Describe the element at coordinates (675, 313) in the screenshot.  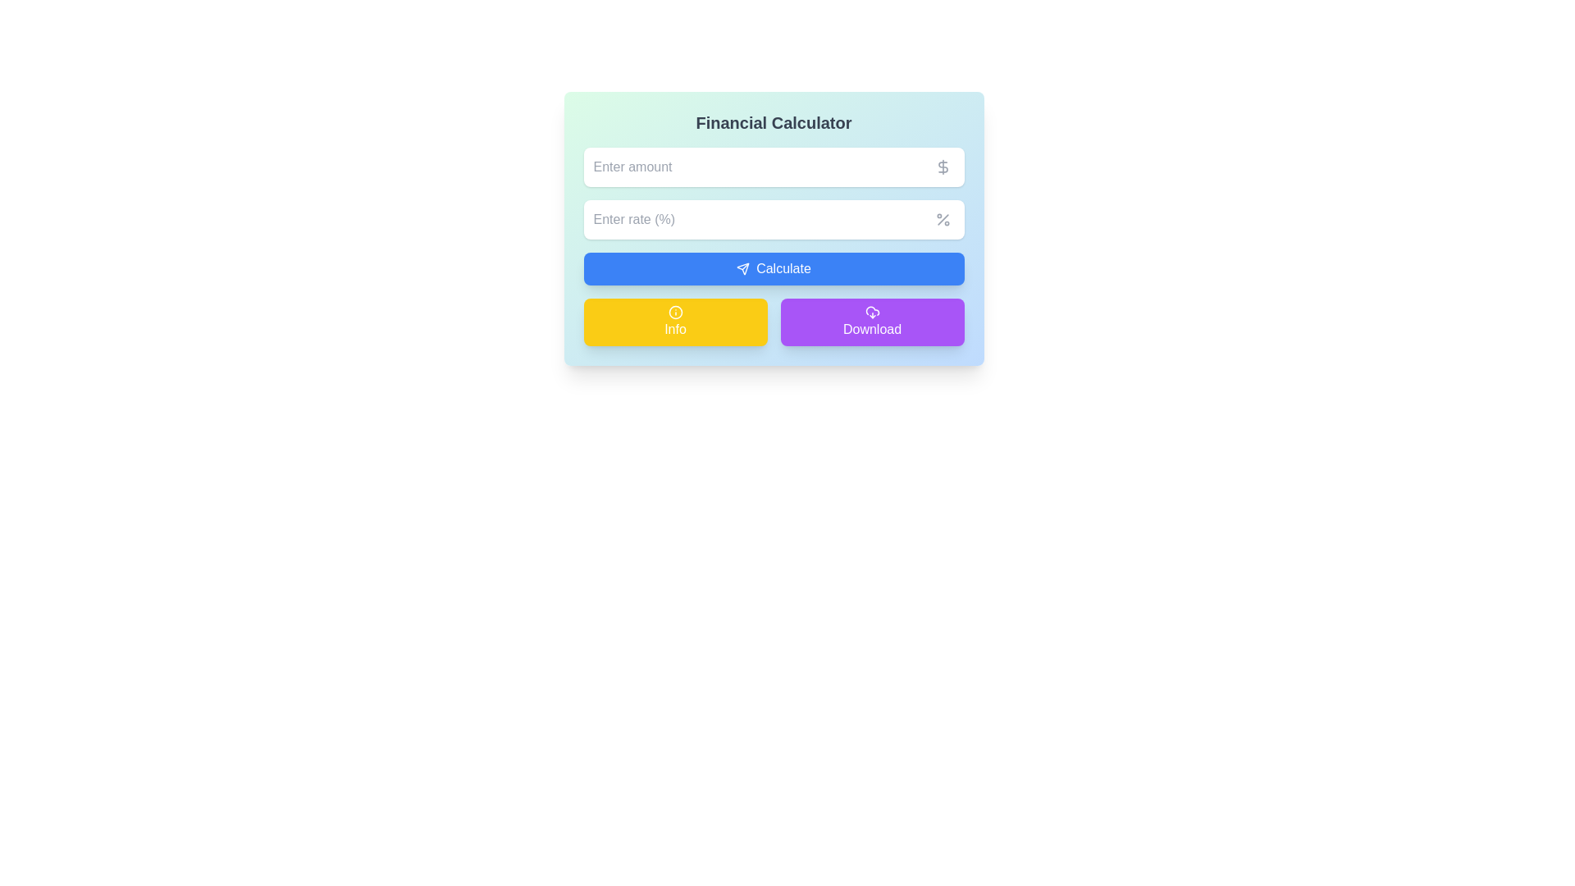
I see `the decorative circle within the 'info' icon located in the 'Info' button at the bottom-left of the button row` at that location.